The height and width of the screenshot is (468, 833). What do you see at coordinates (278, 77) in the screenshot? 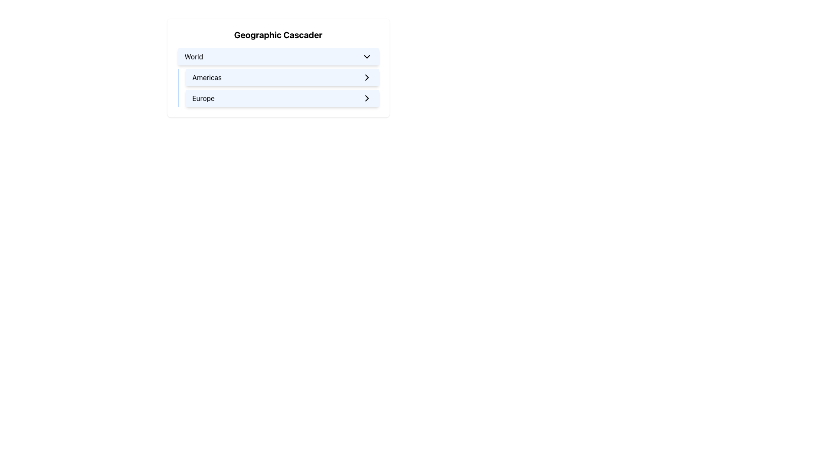
I see `the interactive menu item labeled 'Americas' within the Geographic Cascader menu` at bounding box center [278, 77].